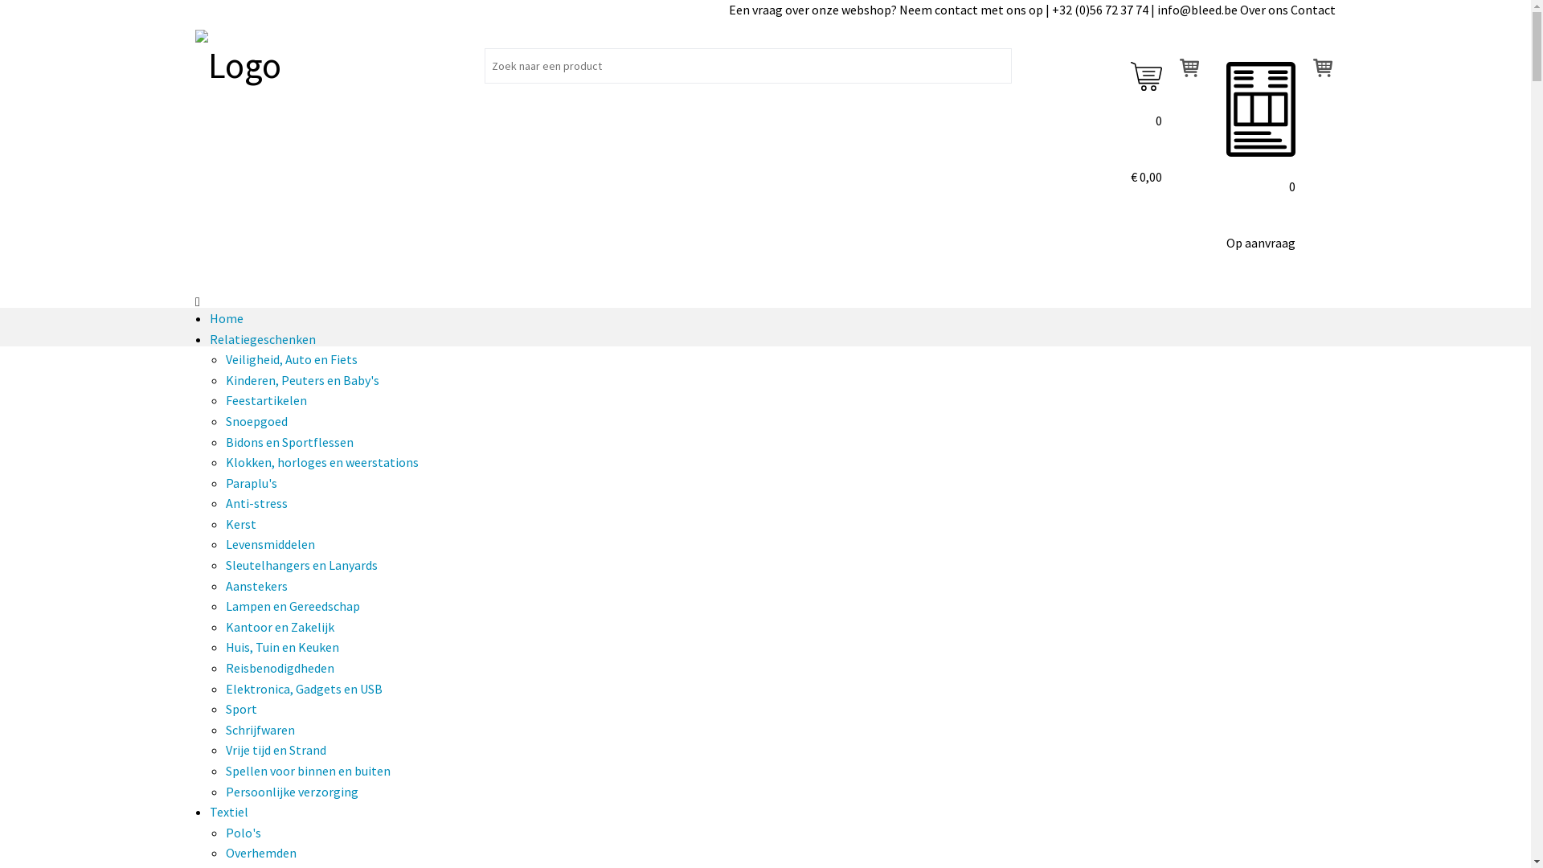 This screenshot has height=868, width=1543. I want to click on 'Levensmiddelen', so click(270, 543).